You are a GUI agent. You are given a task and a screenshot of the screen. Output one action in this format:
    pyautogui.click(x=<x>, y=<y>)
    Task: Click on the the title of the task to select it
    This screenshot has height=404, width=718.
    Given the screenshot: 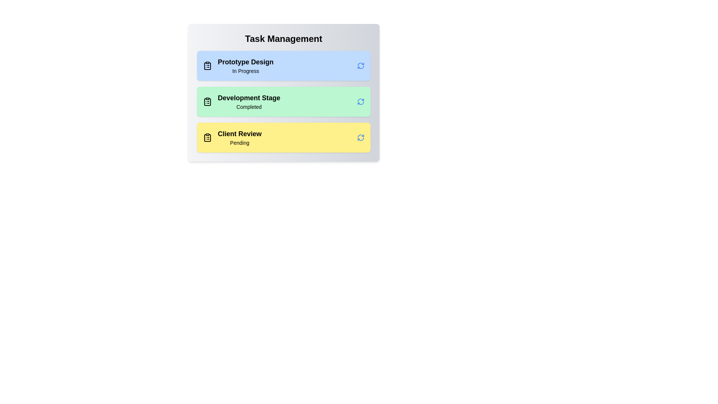 What is the action you would take?
    pyautogui.click(x=246, y=61)
    